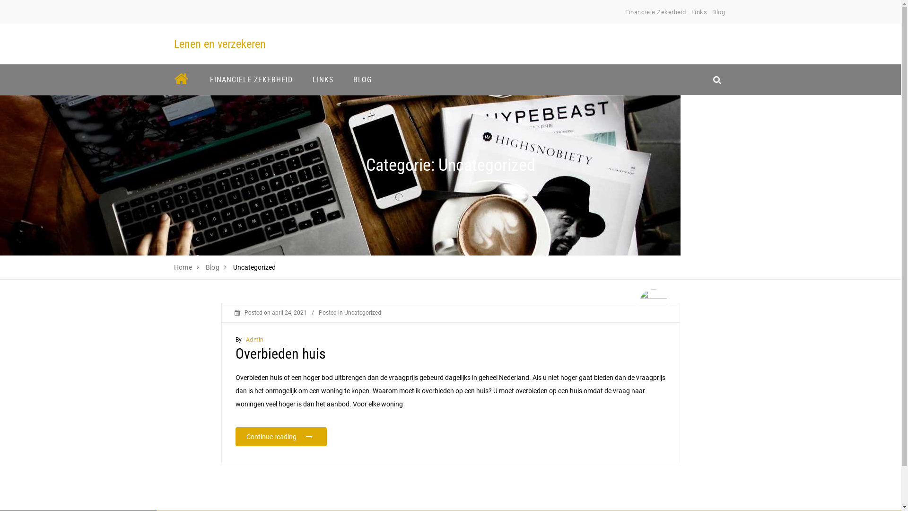 The height and width of the screenshot is (511, 908). I want to click on 'Admin', so click(254, 339).